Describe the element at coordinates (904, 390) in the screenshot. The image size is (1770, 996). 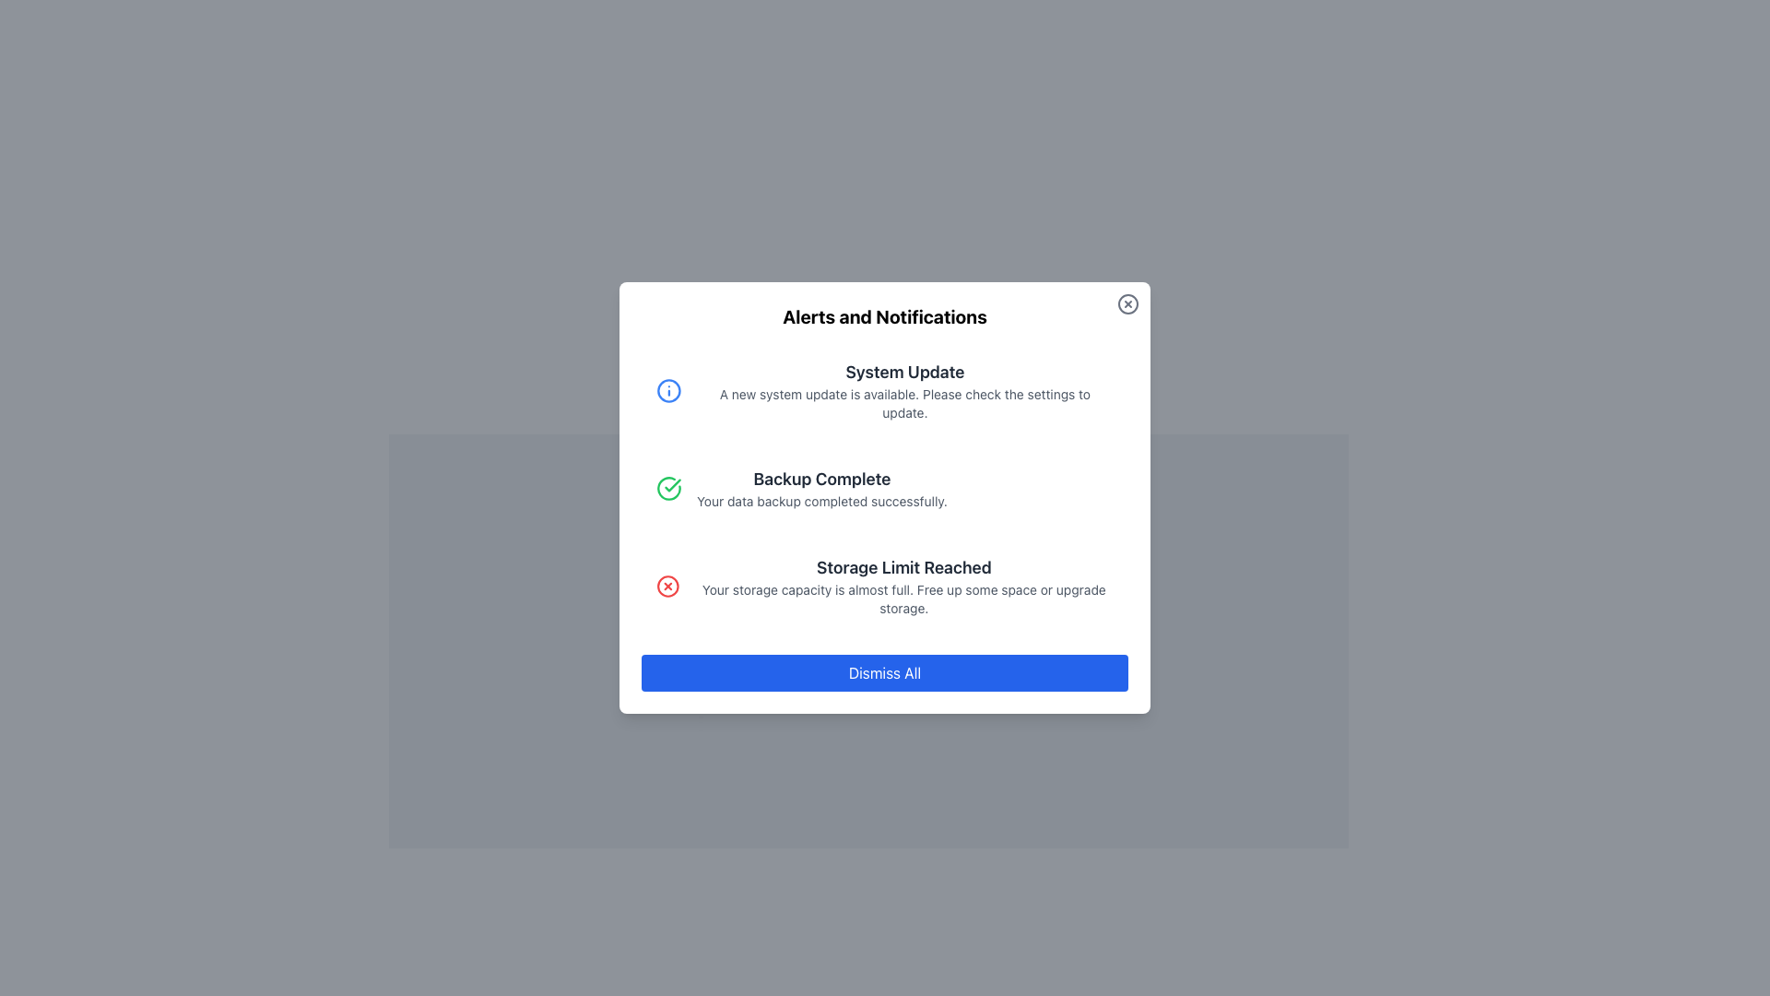
I see `information displayed in the notification card with a blue background and rounded corners, which contains the system update message` at that location.